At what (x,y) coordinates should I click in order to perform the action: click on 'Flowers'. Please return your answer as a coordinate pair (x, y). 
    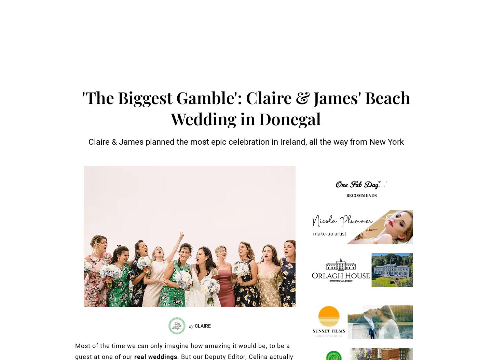
    Looking at the image, I should click on (95, 321).